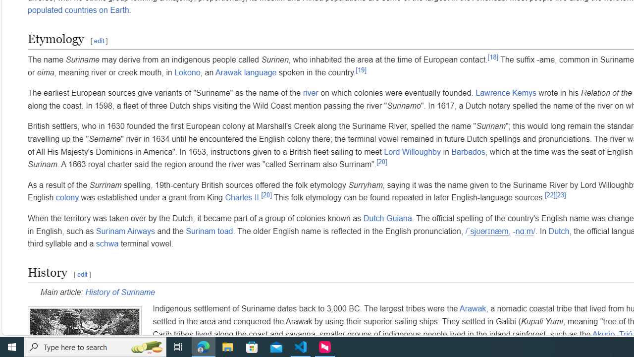  I want to click on 'Surinam toad', so click(209, 231).